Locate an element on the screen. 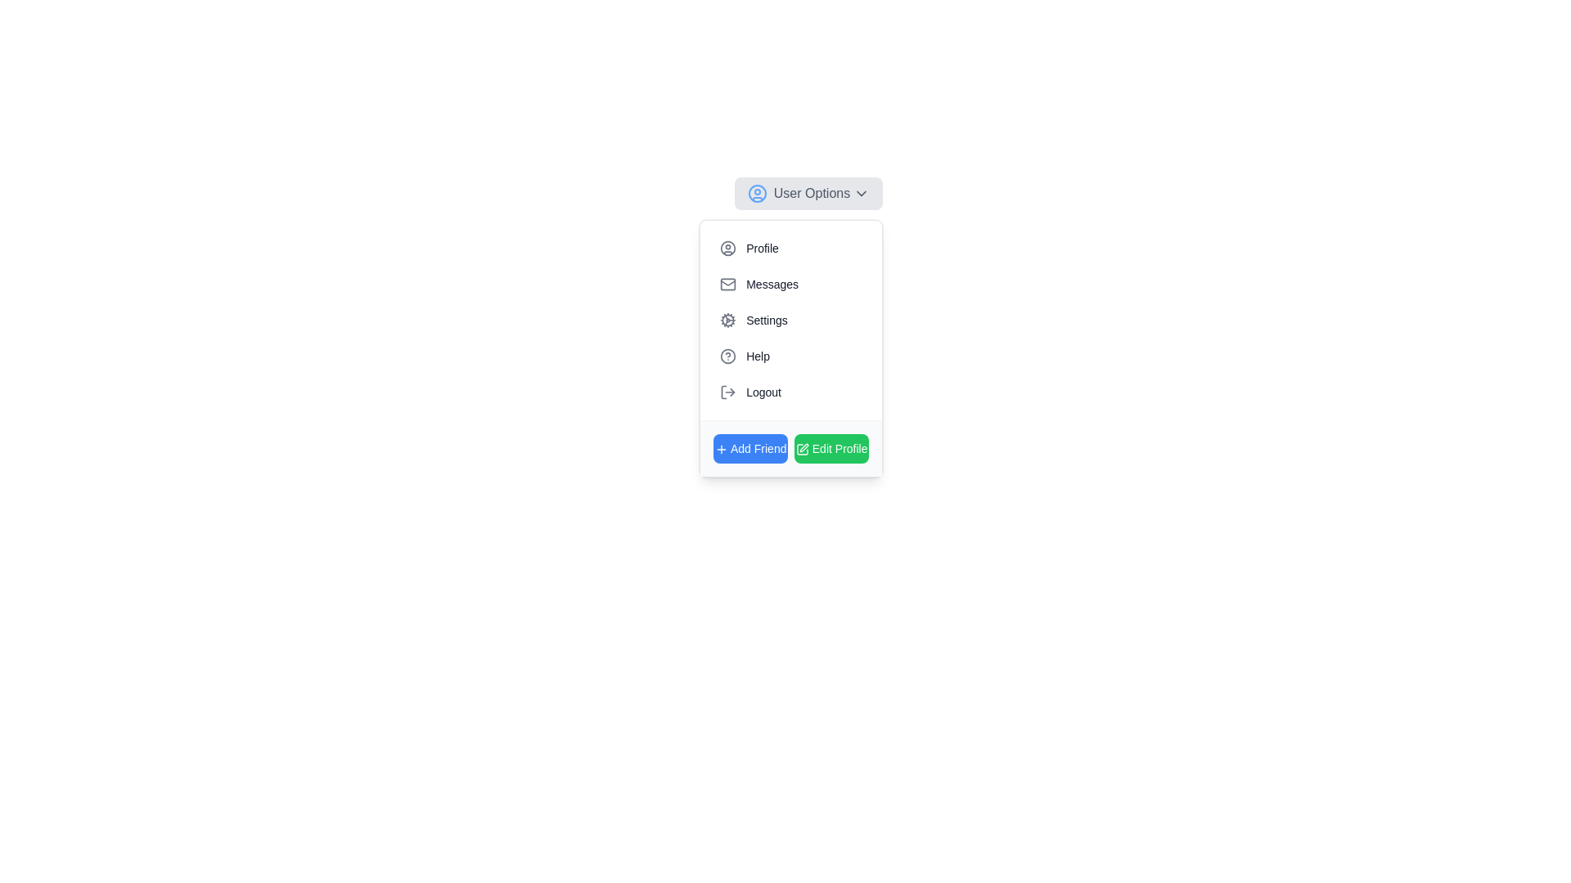  the Circle vector graphic element in the 'User Options' dropdown menu that visually represents a user's profile icon is located at coordinates (727, 249).